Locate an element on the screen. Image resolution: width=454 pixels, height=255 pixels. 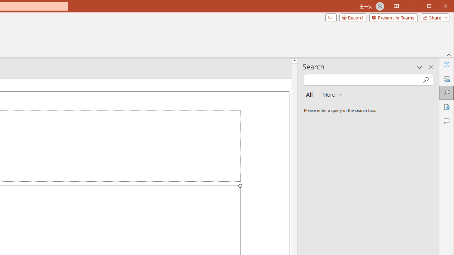
'Close pane' is located at coordinates (431, 67).